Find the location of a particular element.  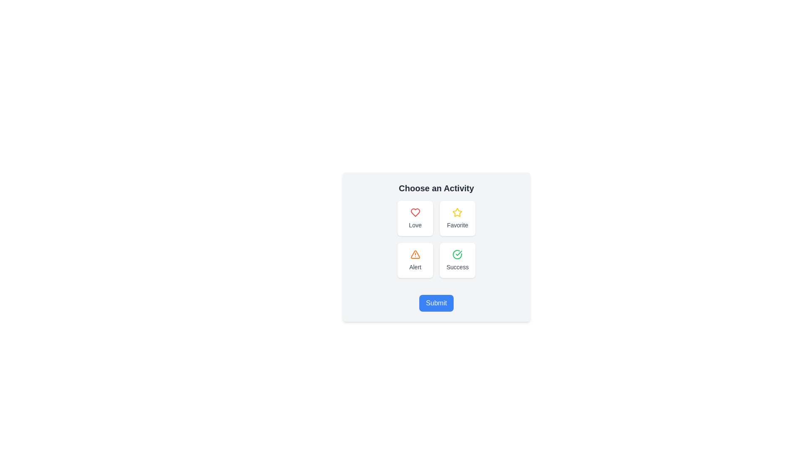

the 'Alert' activity card located in the bottom-left of the 2x2 grid is located at coordinates (415, 260).